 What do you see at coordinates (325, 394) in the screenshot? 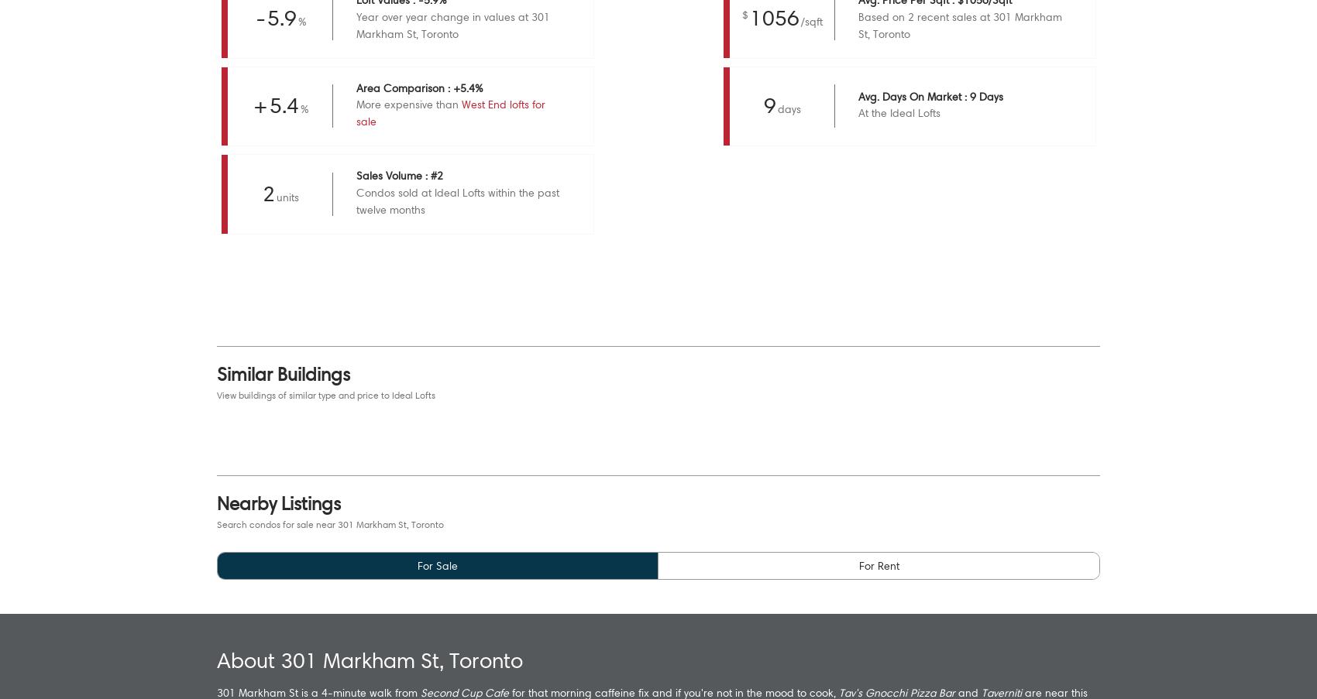
I see `'View buildings of similar type and price to Ideal Lofts'` at bounding box center [325, 394].